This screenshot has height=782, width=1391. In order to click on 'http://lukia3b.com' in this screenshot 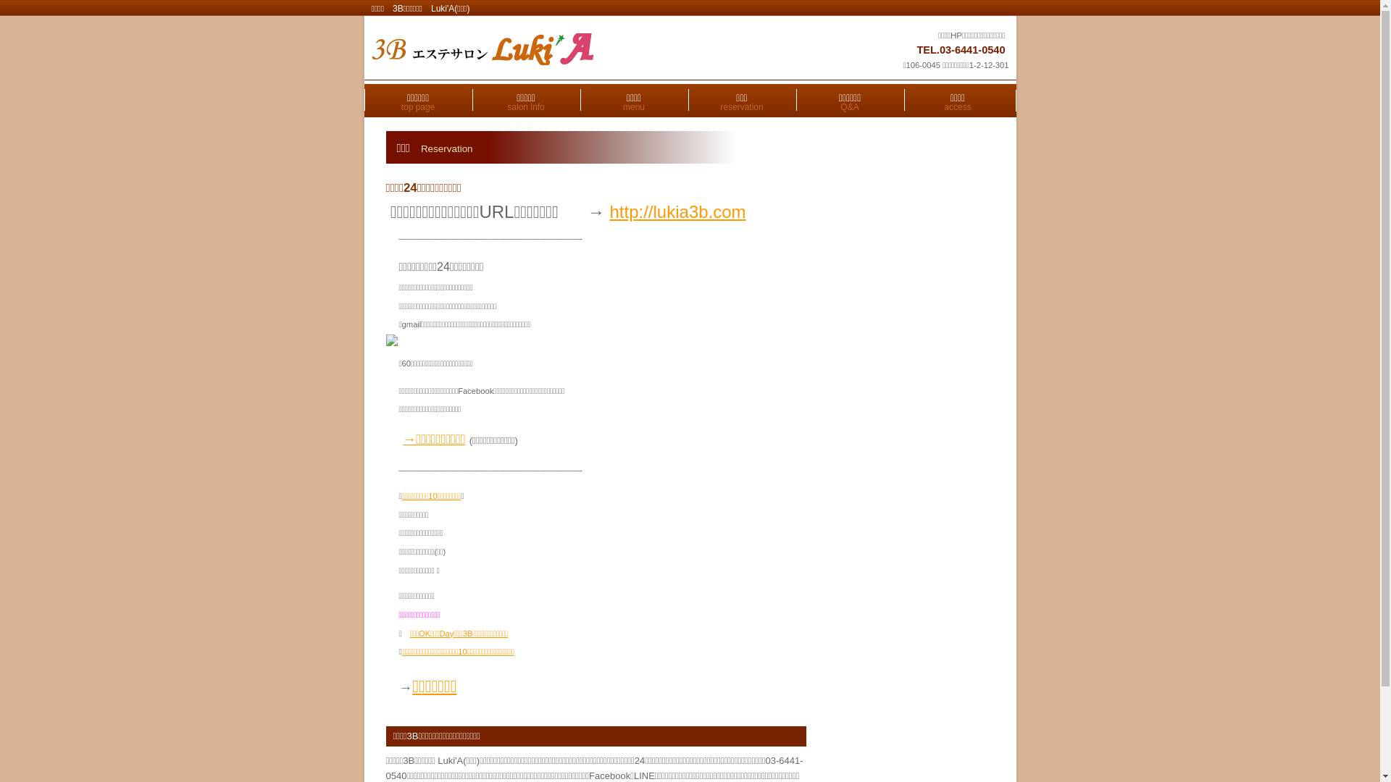, I will do `click(677, 211)`.